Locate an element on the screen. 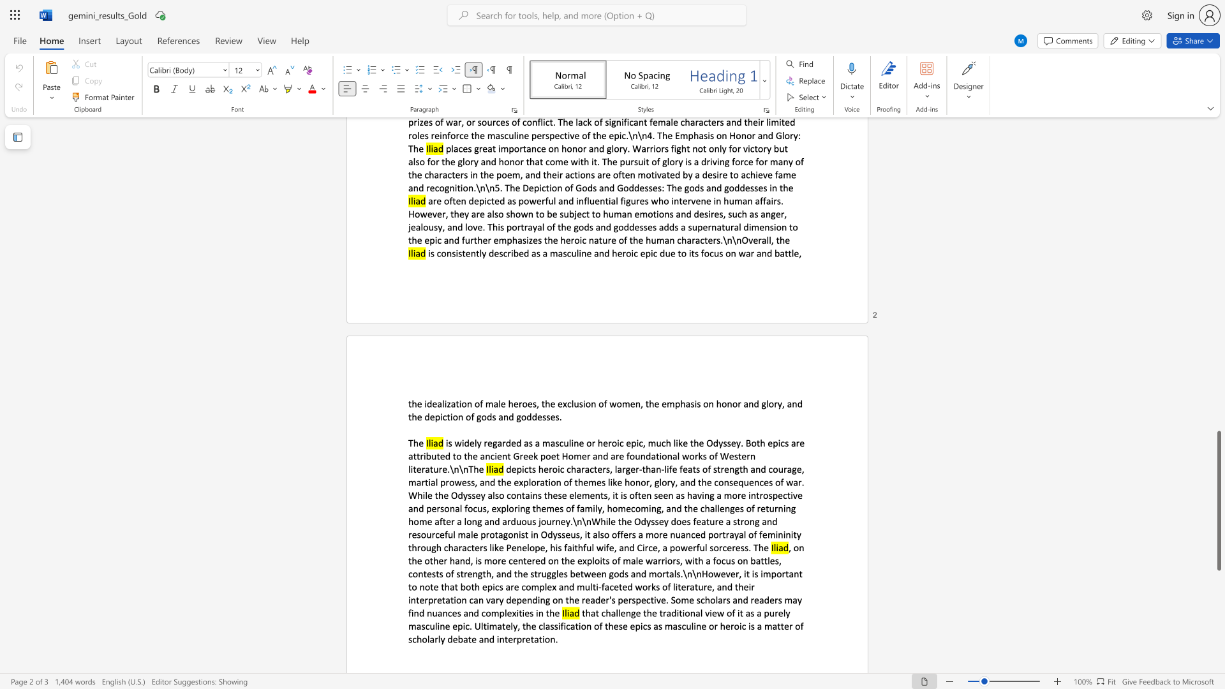 This screenshot has height=689, width=1225. the scrollbar on the right is located at coordinates (1218, 331).